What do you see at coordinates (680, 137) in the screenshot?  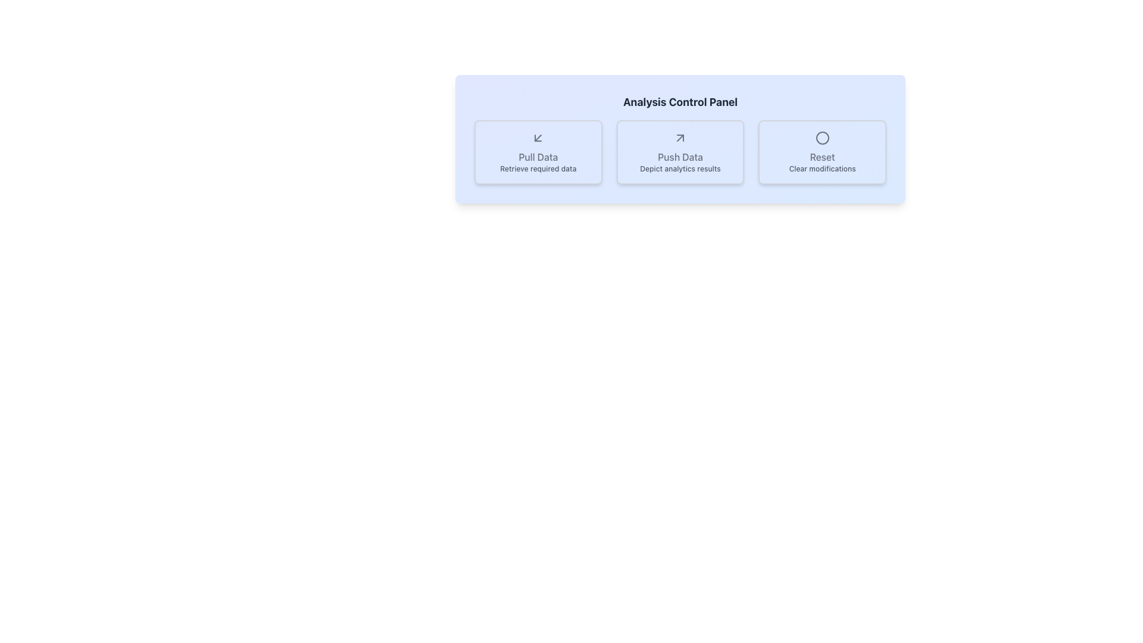 I see `the upward-right diagonal arrow icon located at the top-center of the 'Push Data' card that depicts analytics results` at bounding box center [680, 137].